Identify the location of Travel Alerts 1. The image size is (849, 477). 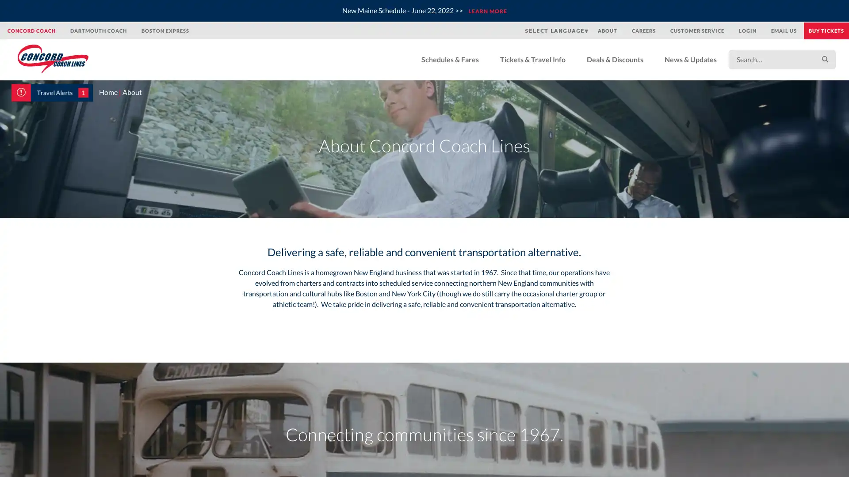
(52, 92).